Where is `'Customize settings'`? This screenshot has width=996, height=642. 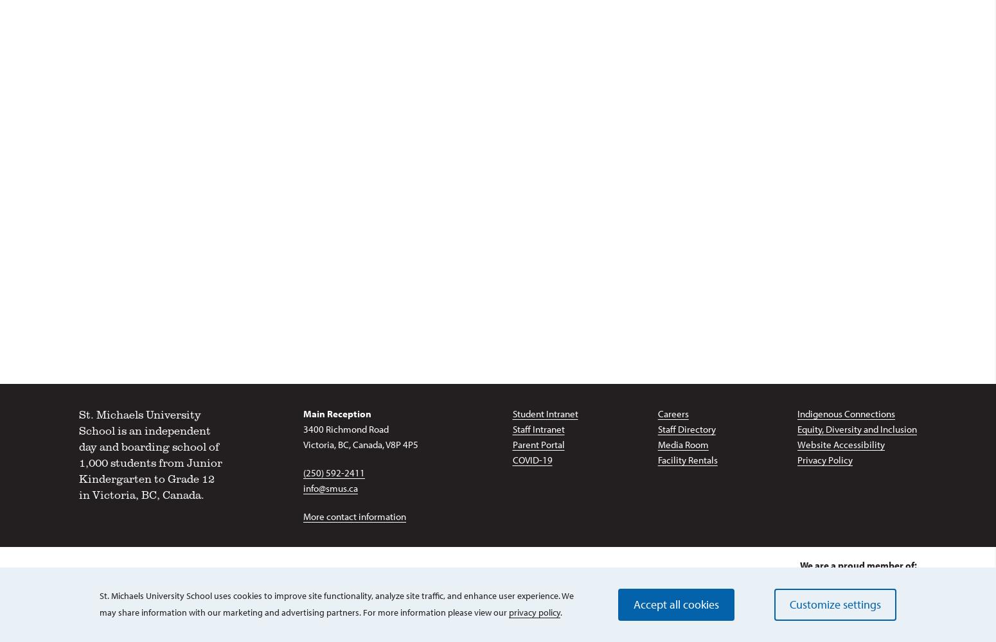
'Customize settings' is located at coordinates (834, 603).